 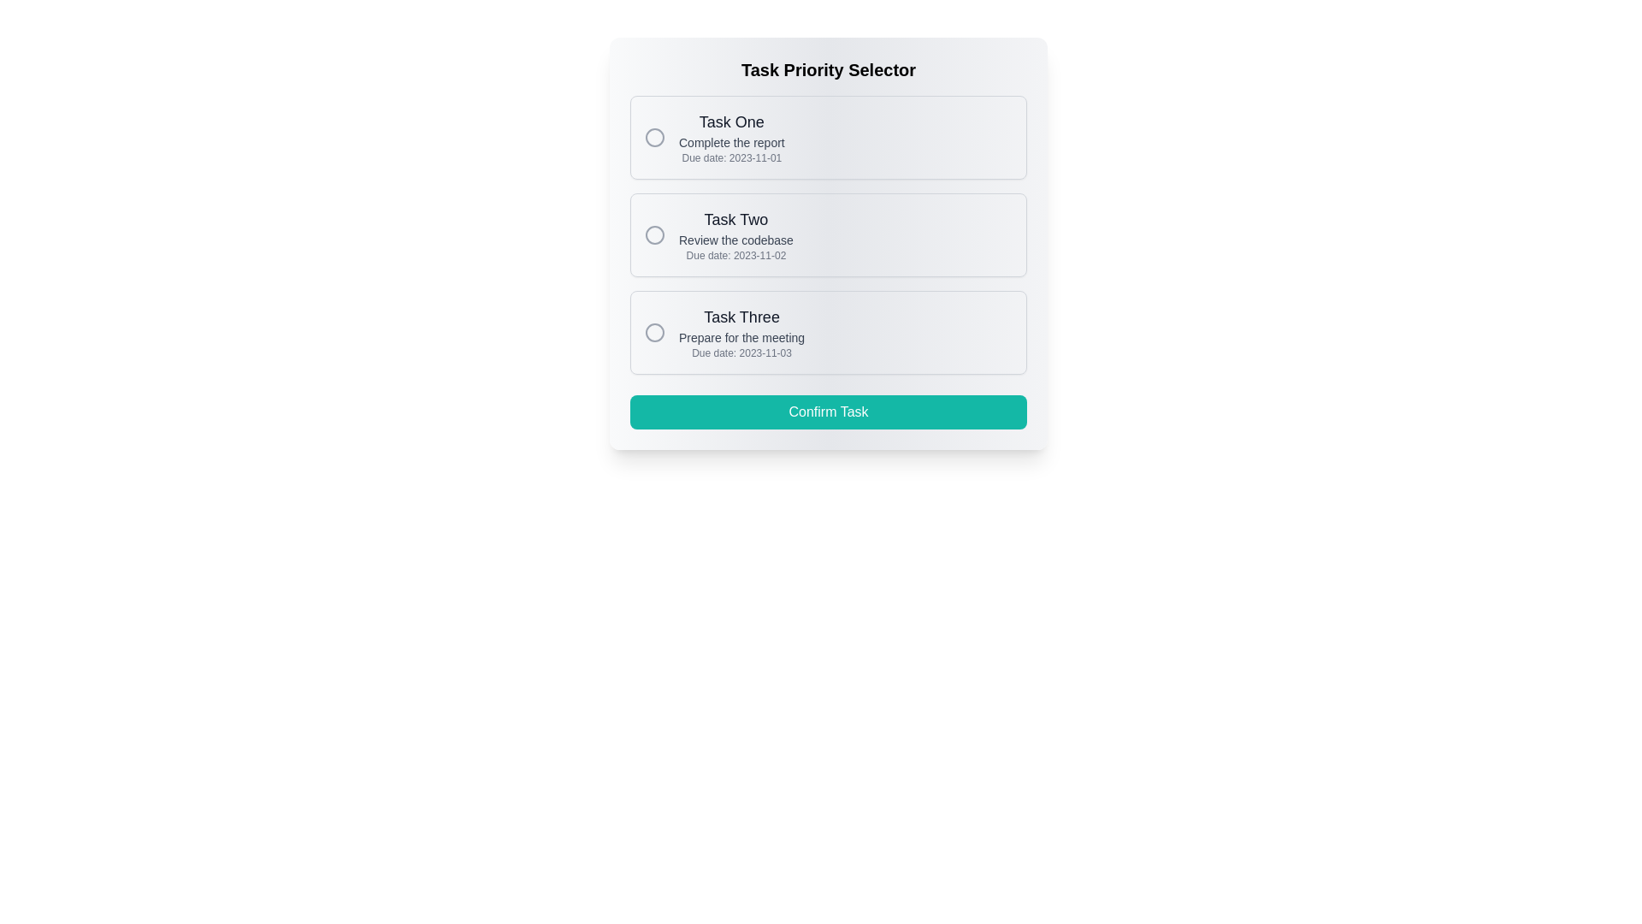 What do you see at coordinates (741, 317) in the screenshot?
I see `the static text or label that serves as the title for a task entry, positioned above 'Prepare for the meeting' and below the 'Task Priority Selector' heading` at bounding box center [741, 317].